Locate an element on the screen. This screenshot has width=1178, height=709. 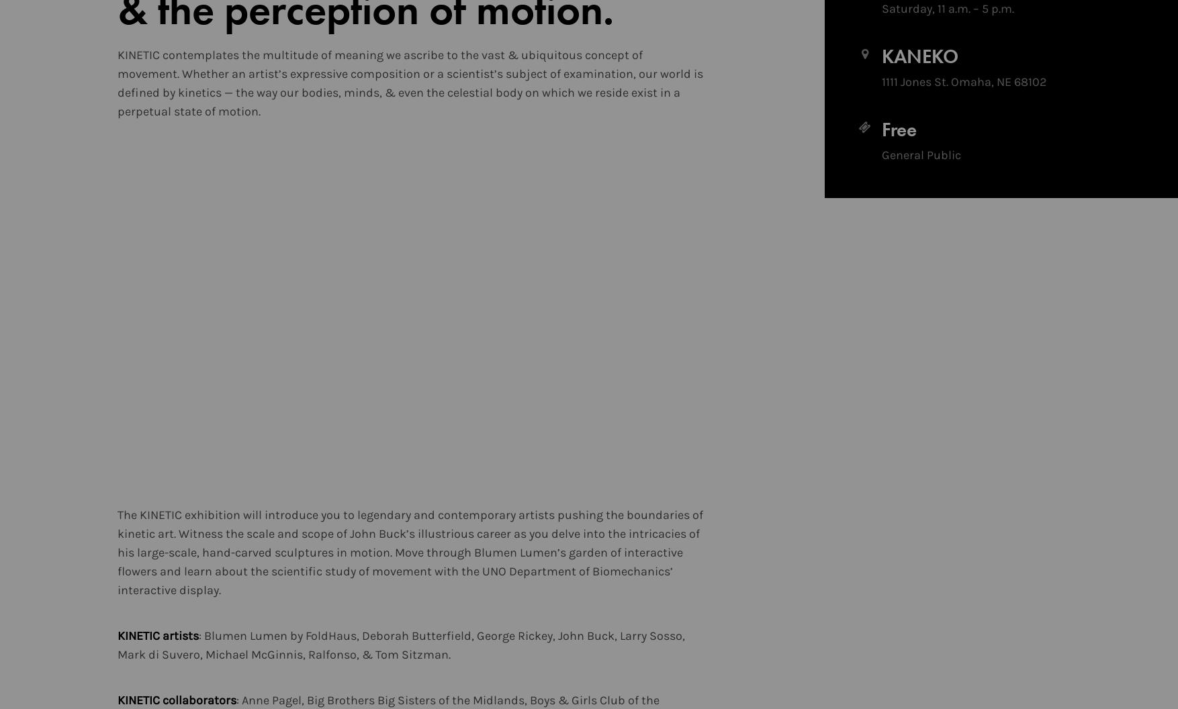
'Education' is located at coordinates (701, 83).